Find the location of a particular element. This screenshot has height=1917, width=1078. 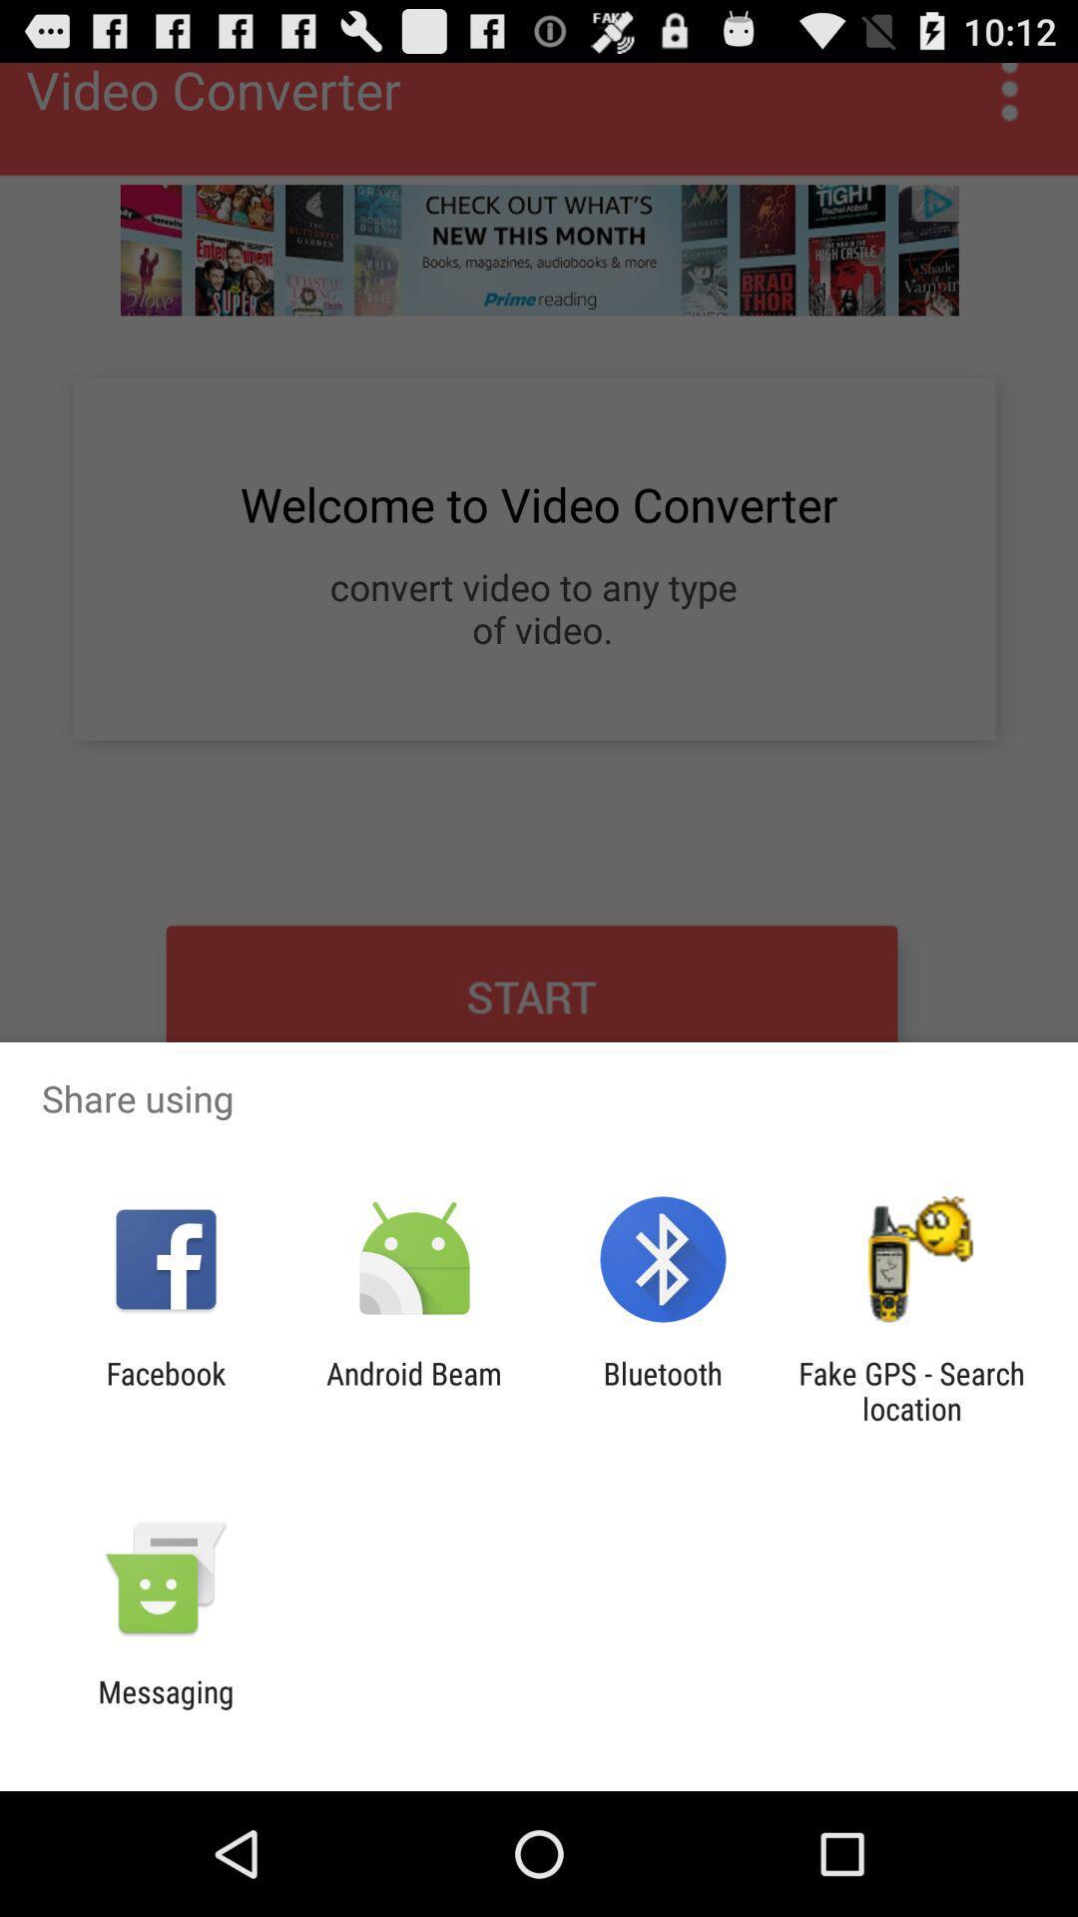

fake gps search app is located at coordinates (911, 1390).